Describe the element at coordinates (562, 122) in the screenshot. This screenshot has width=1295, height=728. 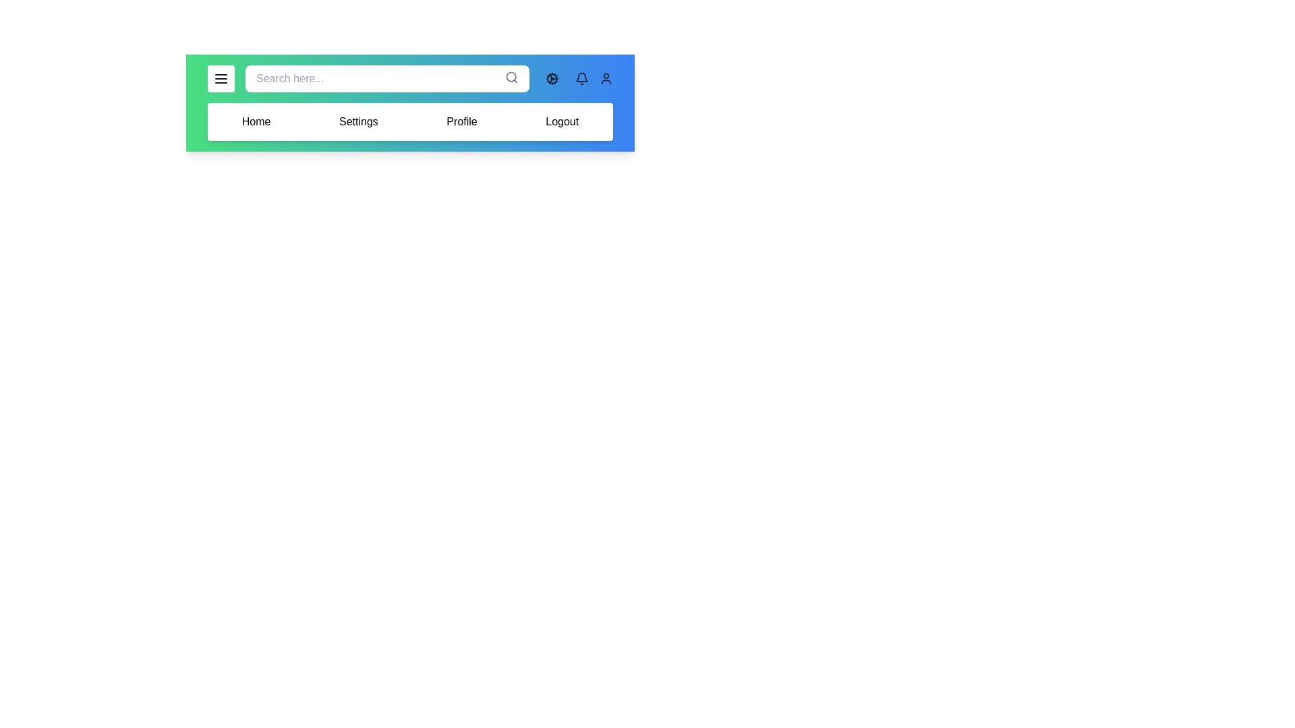
I see `the menu item labeled Logout` at that location.